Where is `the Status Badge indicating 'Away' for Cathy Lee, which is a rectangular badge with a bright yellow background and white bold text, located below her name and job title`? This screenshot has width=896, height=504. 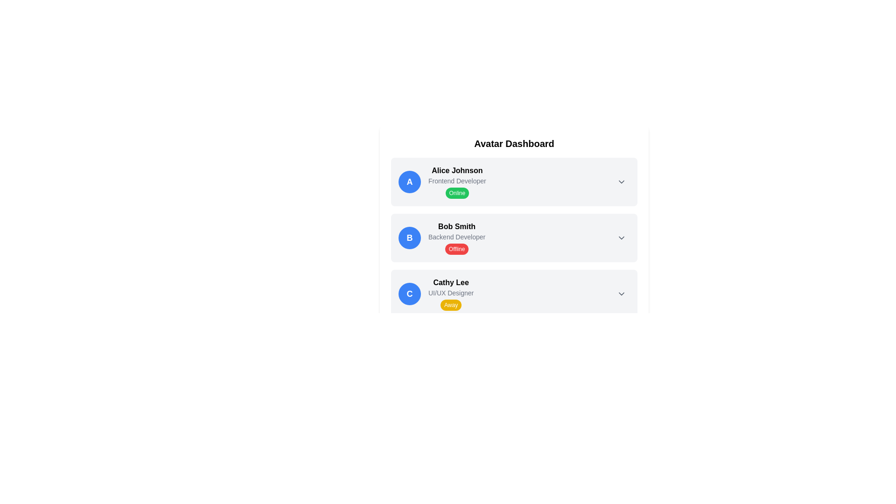 the Status Badge indicating 'Away' for Cathy Lee, which is a rectangular badge with a bright yellow background and white bold text, located below her name and job title is located at coordinates (451, 305).